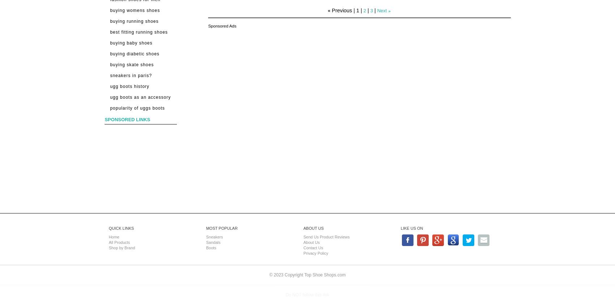 The image size is (615, 305). What do you see at coordinates (131, 43) in the screenshot?
I see `'Buying Baby Shoes'` at bounding box center [131, 43].